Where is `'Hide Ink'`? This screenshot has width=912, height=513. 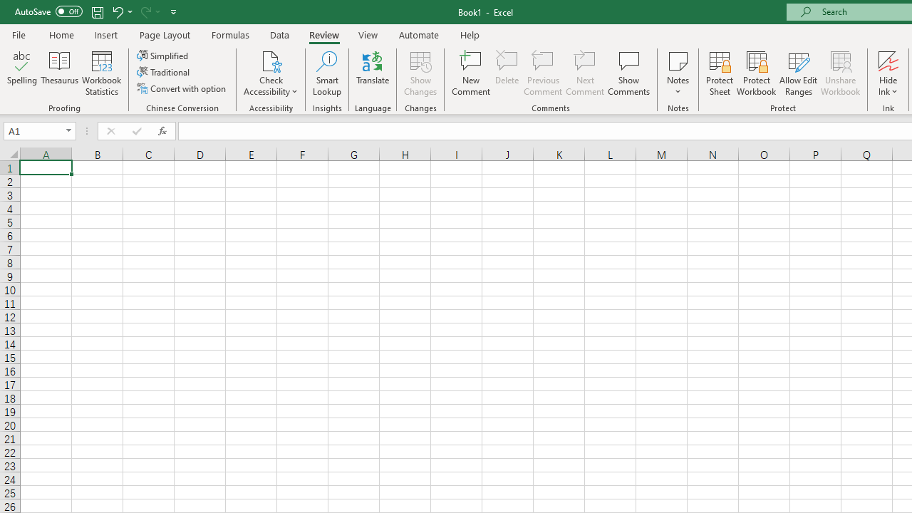 'Hide Ink' is located at coordinates (888, 73).